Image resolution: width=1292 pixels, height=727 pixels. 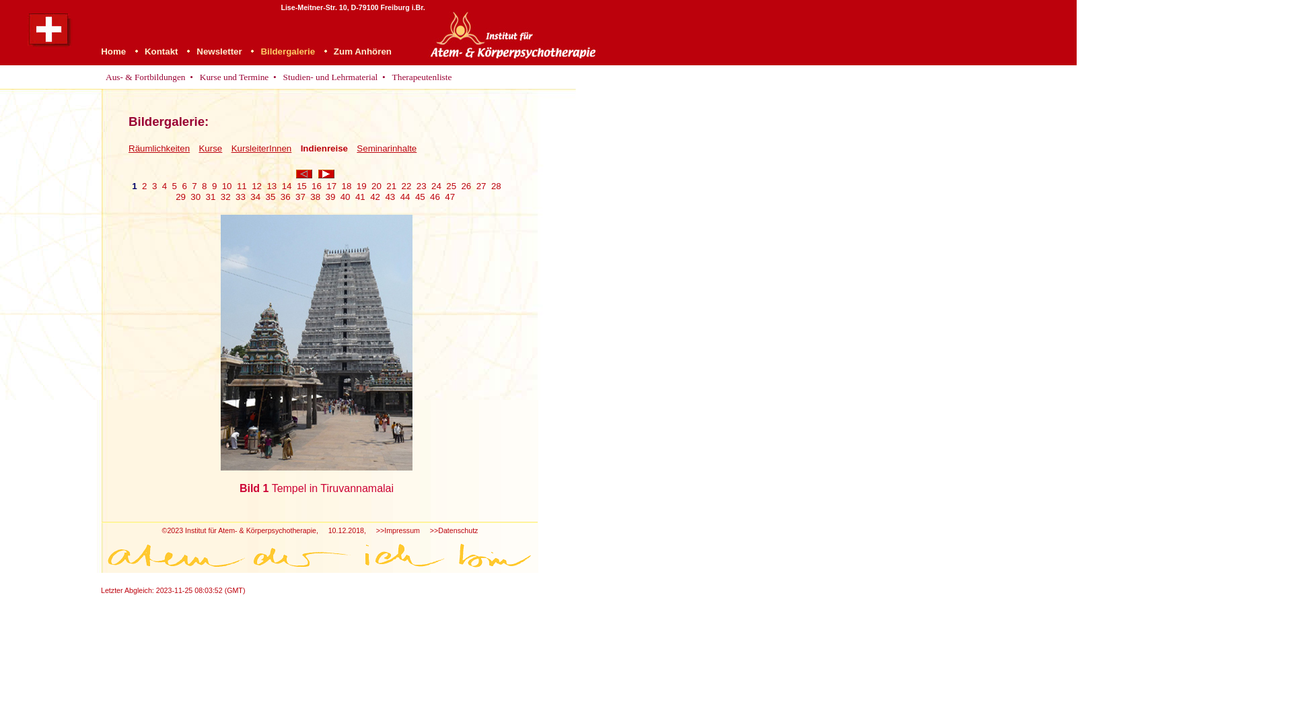 I want to click on 'Lise-Meitner-Str. 10, D-79100 Freiburg i.Br.', so click(x=352, y=6).